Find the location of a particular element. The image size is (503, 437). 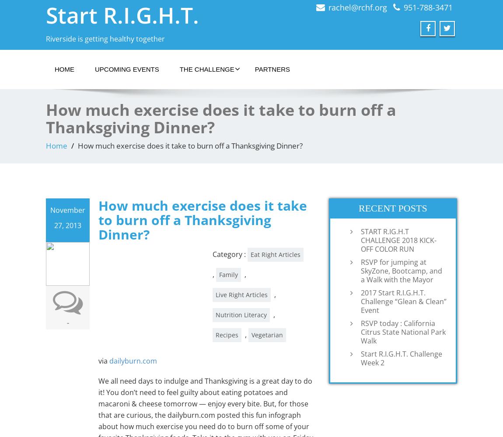

'November 27, 2013' is located at coordinates (67, 217).